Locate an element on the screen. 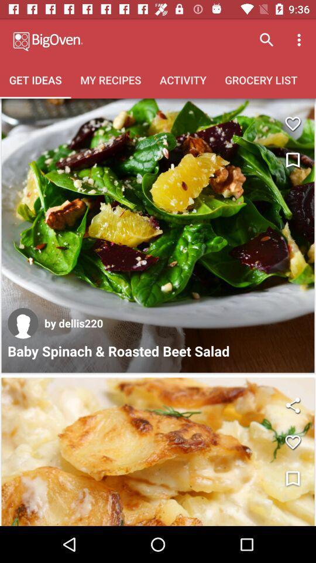  the favorite one is located at coordinates (292, 124).